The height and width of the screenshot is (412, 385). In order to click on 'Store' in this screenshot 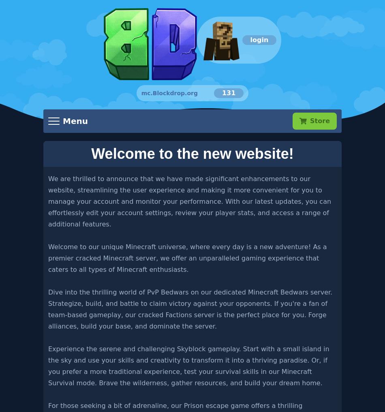, I will do `click(319, 120)`.